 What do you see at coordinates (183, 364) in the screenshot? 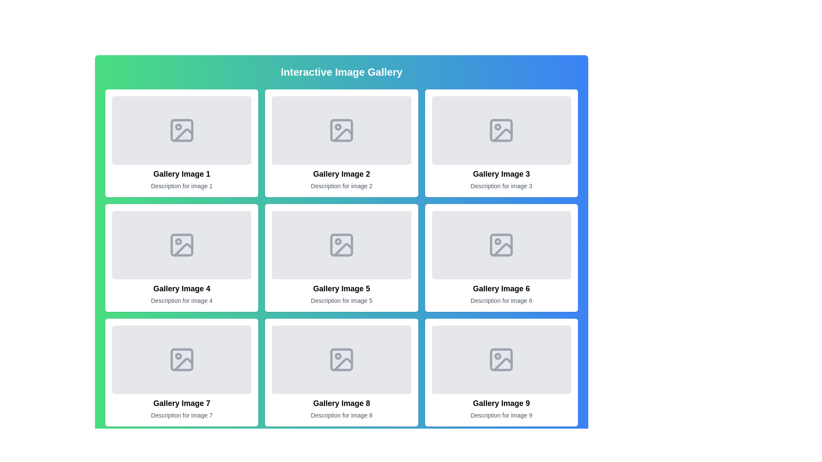
I see `the visual appearance of the graphical icon element located in the seventh grid slot labeled 'Gallery Image 7'` at bounding box center [183, 364].